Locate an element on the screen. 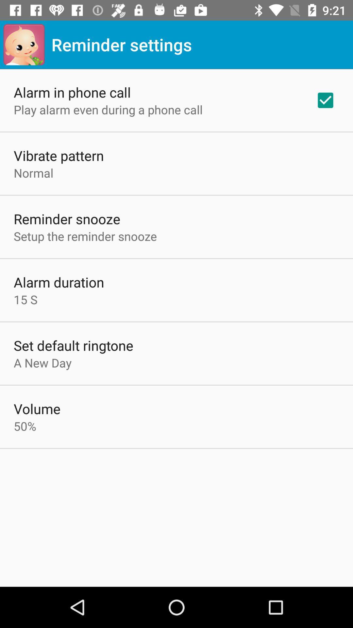  the icon at the bottom left corner is located at coordinates (25, 426).